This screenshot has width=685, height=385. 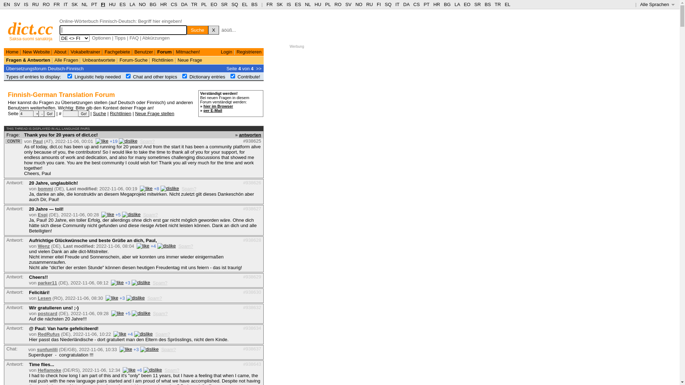 I want to click on 'antworten', so click(x=250, y=134).